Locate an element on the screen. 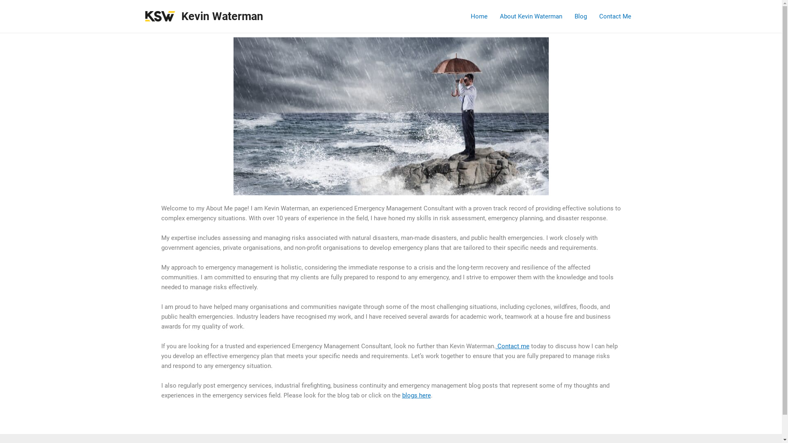  'blogs here' is located at coordinates (416, 395).